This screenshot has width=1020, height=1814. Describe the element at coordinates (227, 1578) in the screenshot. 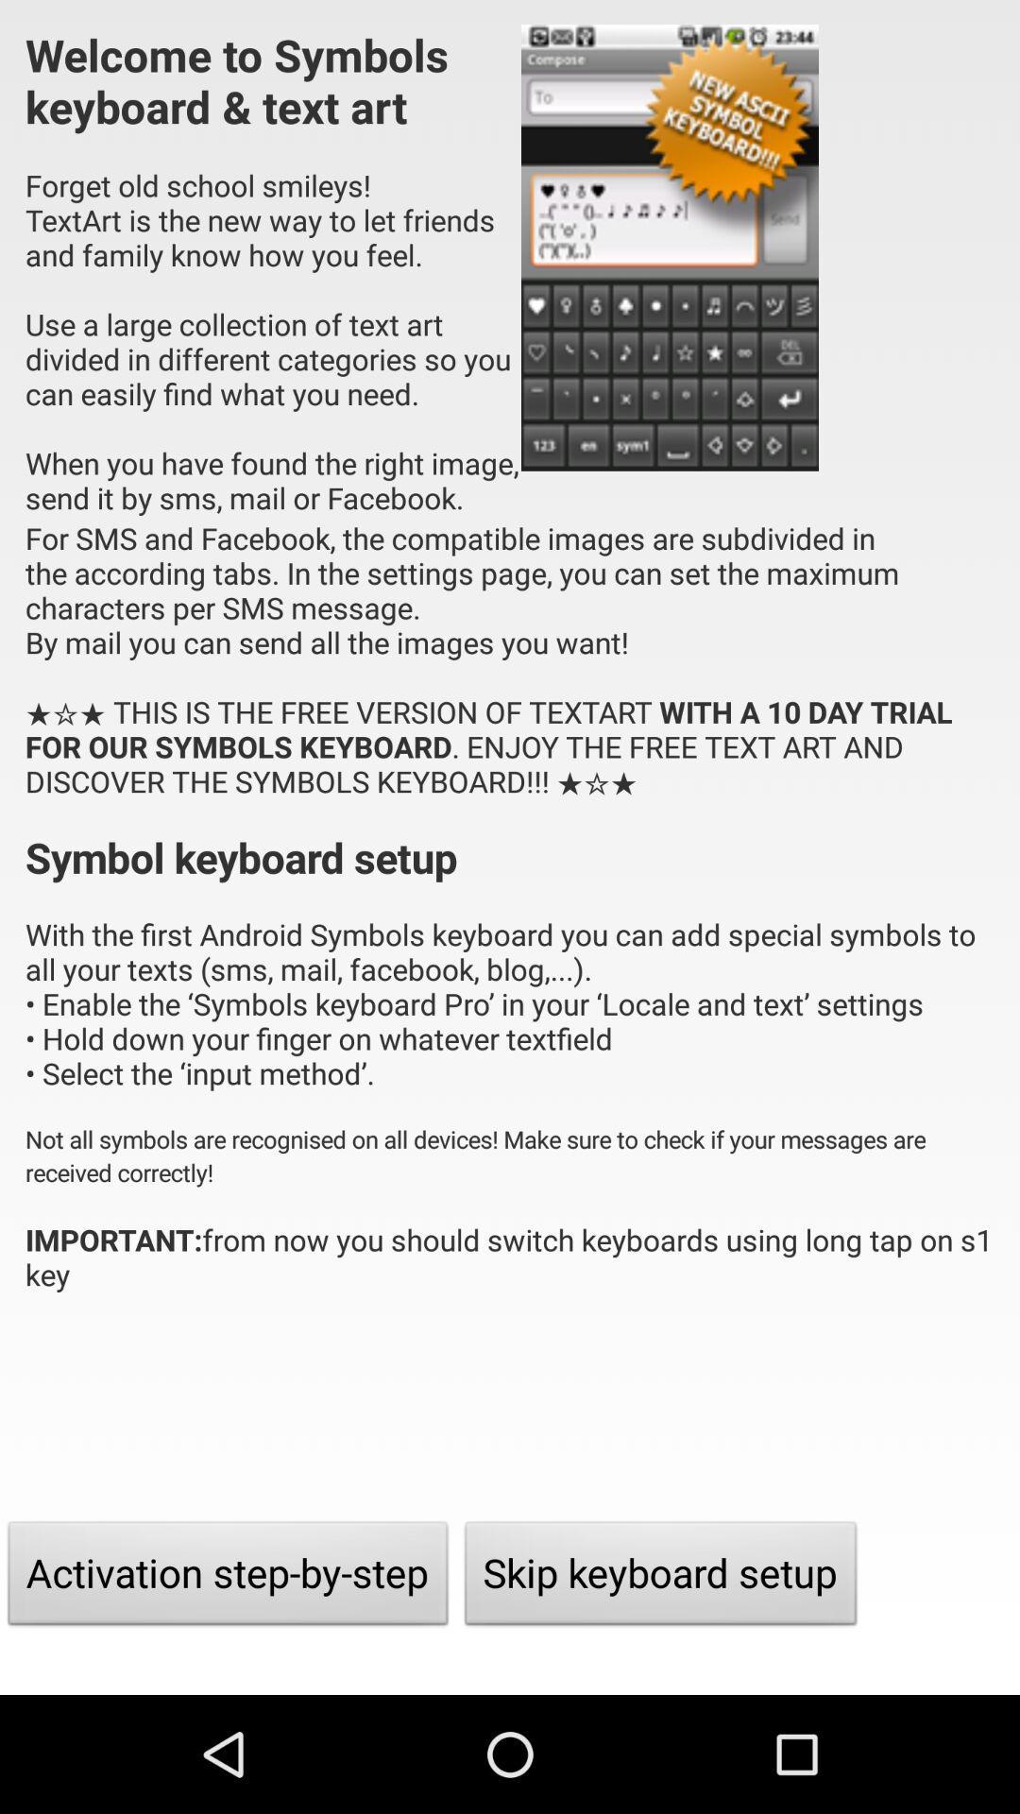

I see `the item at the bottom left corner` at that location.